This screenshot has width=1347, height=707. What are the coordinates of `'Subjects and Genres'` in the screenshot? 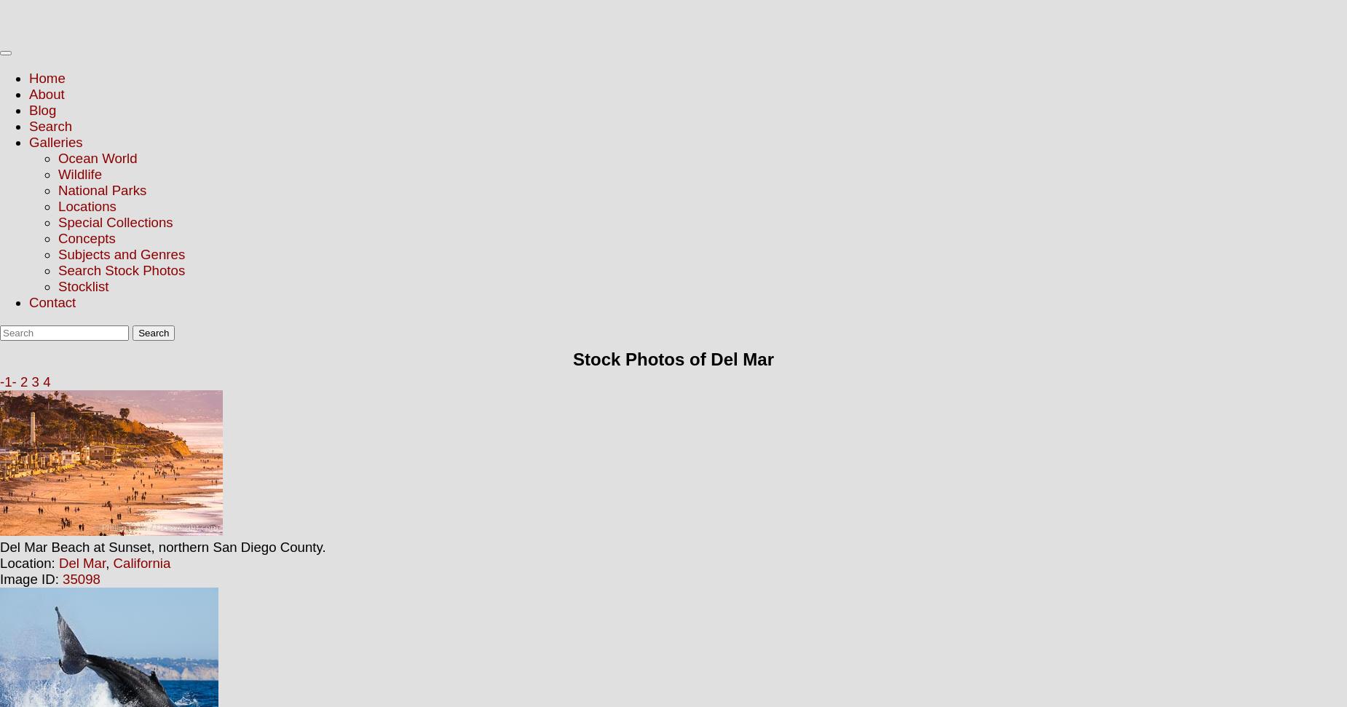 It's located at (121, 253).